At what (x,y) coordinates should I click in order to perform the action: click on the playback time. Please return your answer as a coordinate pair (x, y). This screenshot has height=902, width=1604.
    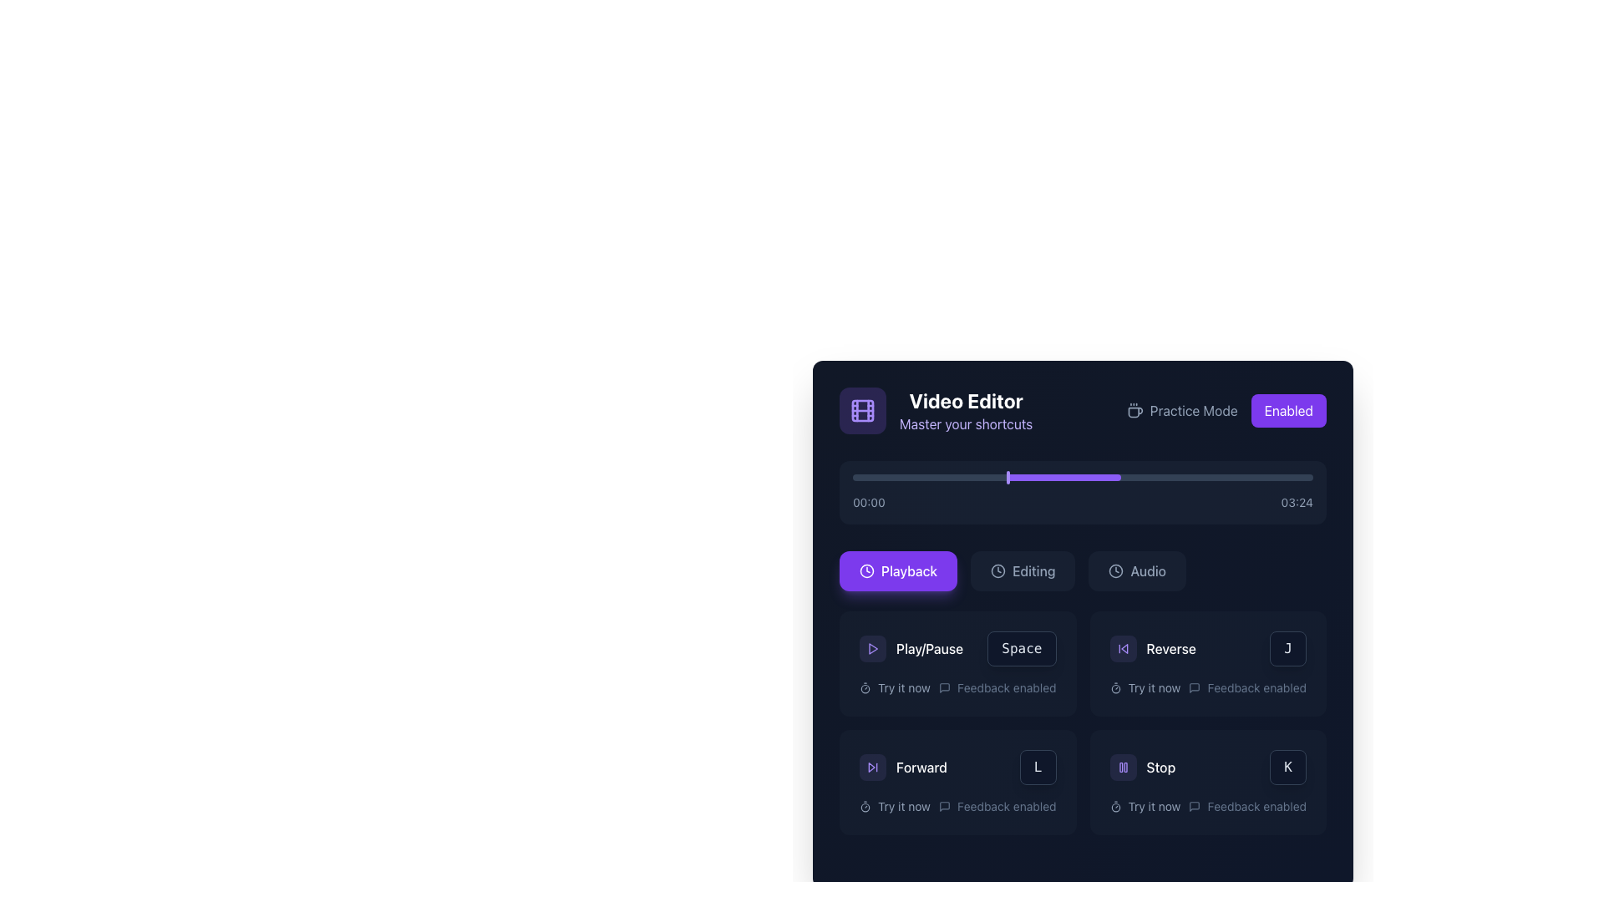
    Looking at the image, I should click on (902, 477).